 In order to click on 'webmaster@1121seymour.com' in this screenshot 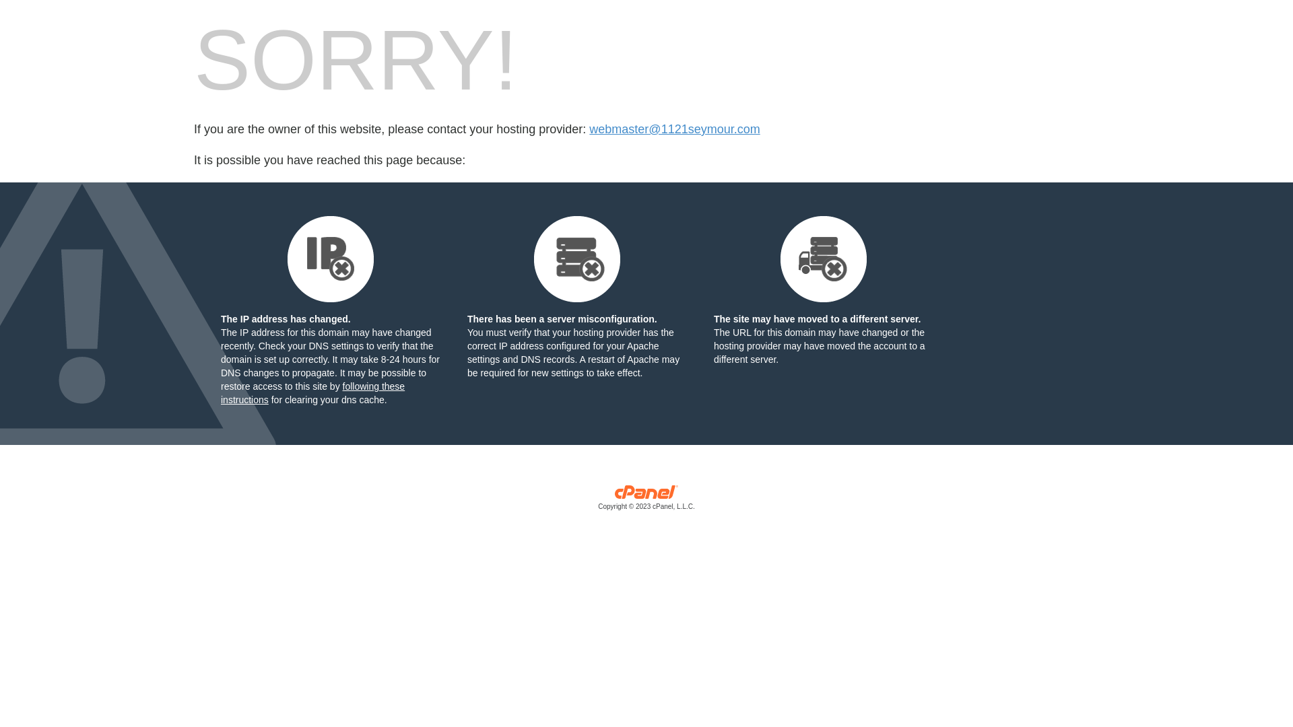, I will do `click(674, 129)`.